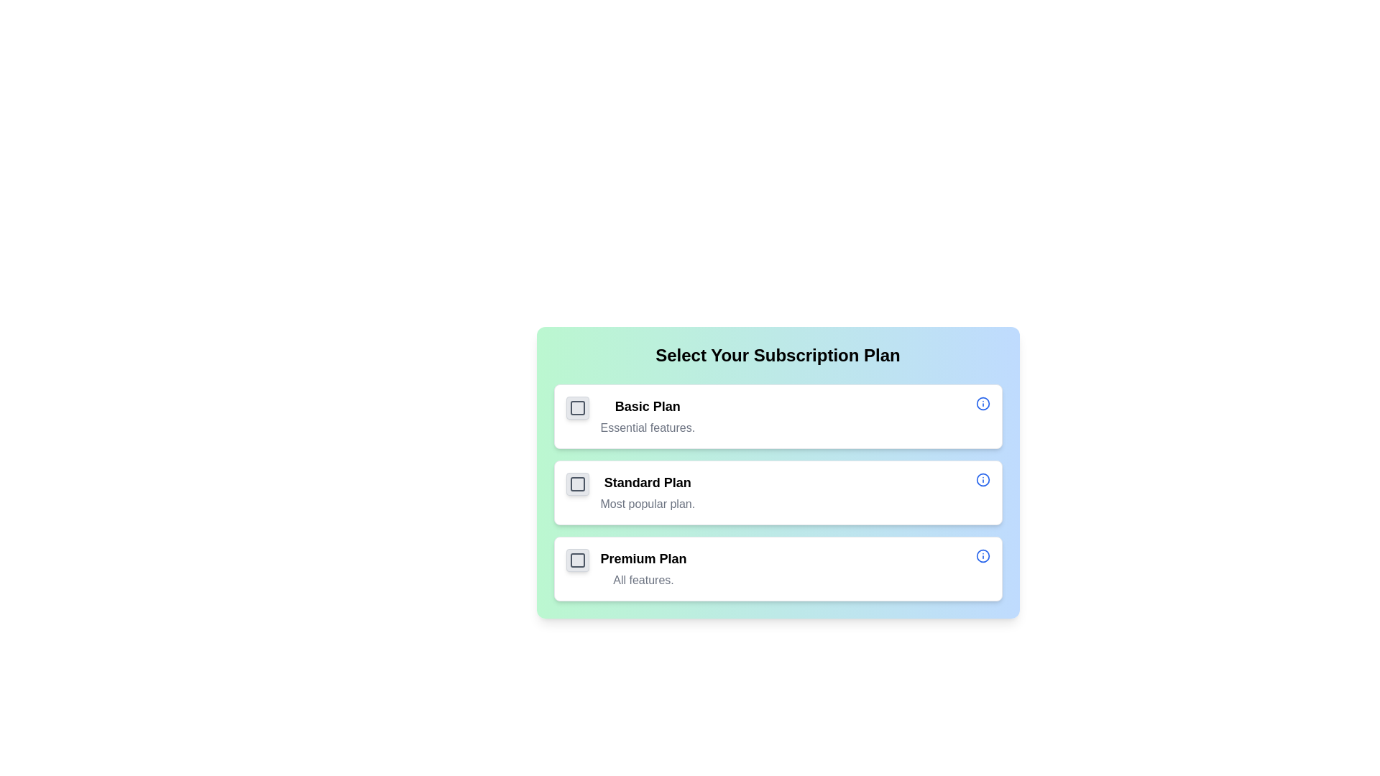 The height and width of the screenshot is (776, 1380). What do you see at coordinates (577, 407) in the screenshot?
I see `the checkbox selector for the 'Basic Plan' option` at bounding box center [577, 407].